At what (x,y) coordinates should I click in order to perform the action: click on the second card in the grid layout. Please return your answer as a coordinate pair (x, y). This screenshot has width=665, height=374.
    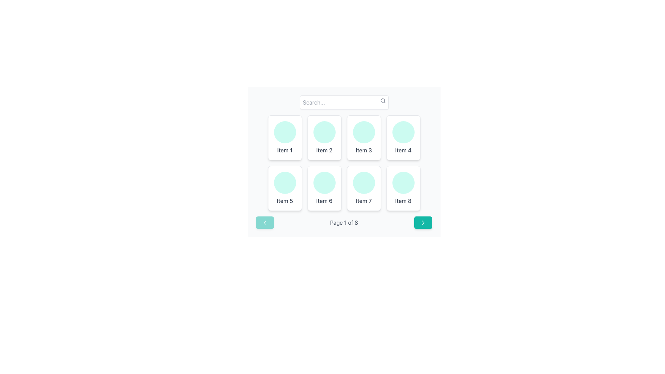
    Looking at the image, I should click on (324, 137).